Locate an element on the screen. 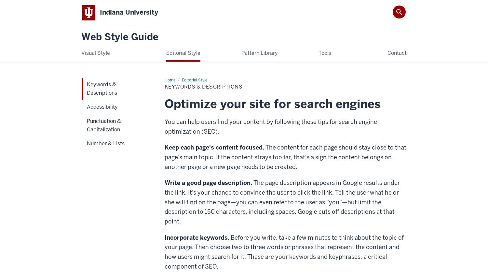 The height and width of the screenshot is (277, 488). 'Optimize your site for search engines' is located at coordinates (272, 103).